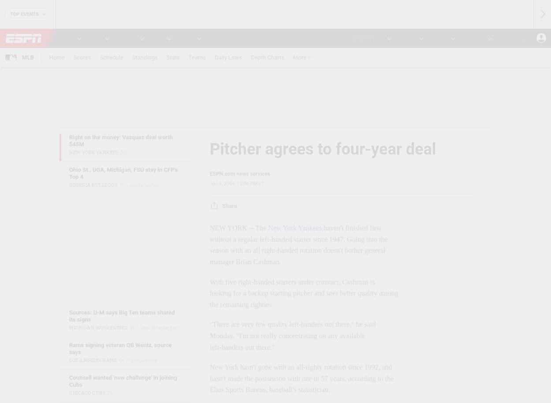 The image size is (551, 403). I want to click on 'Georgia Bulldogs', so click(93, 185).